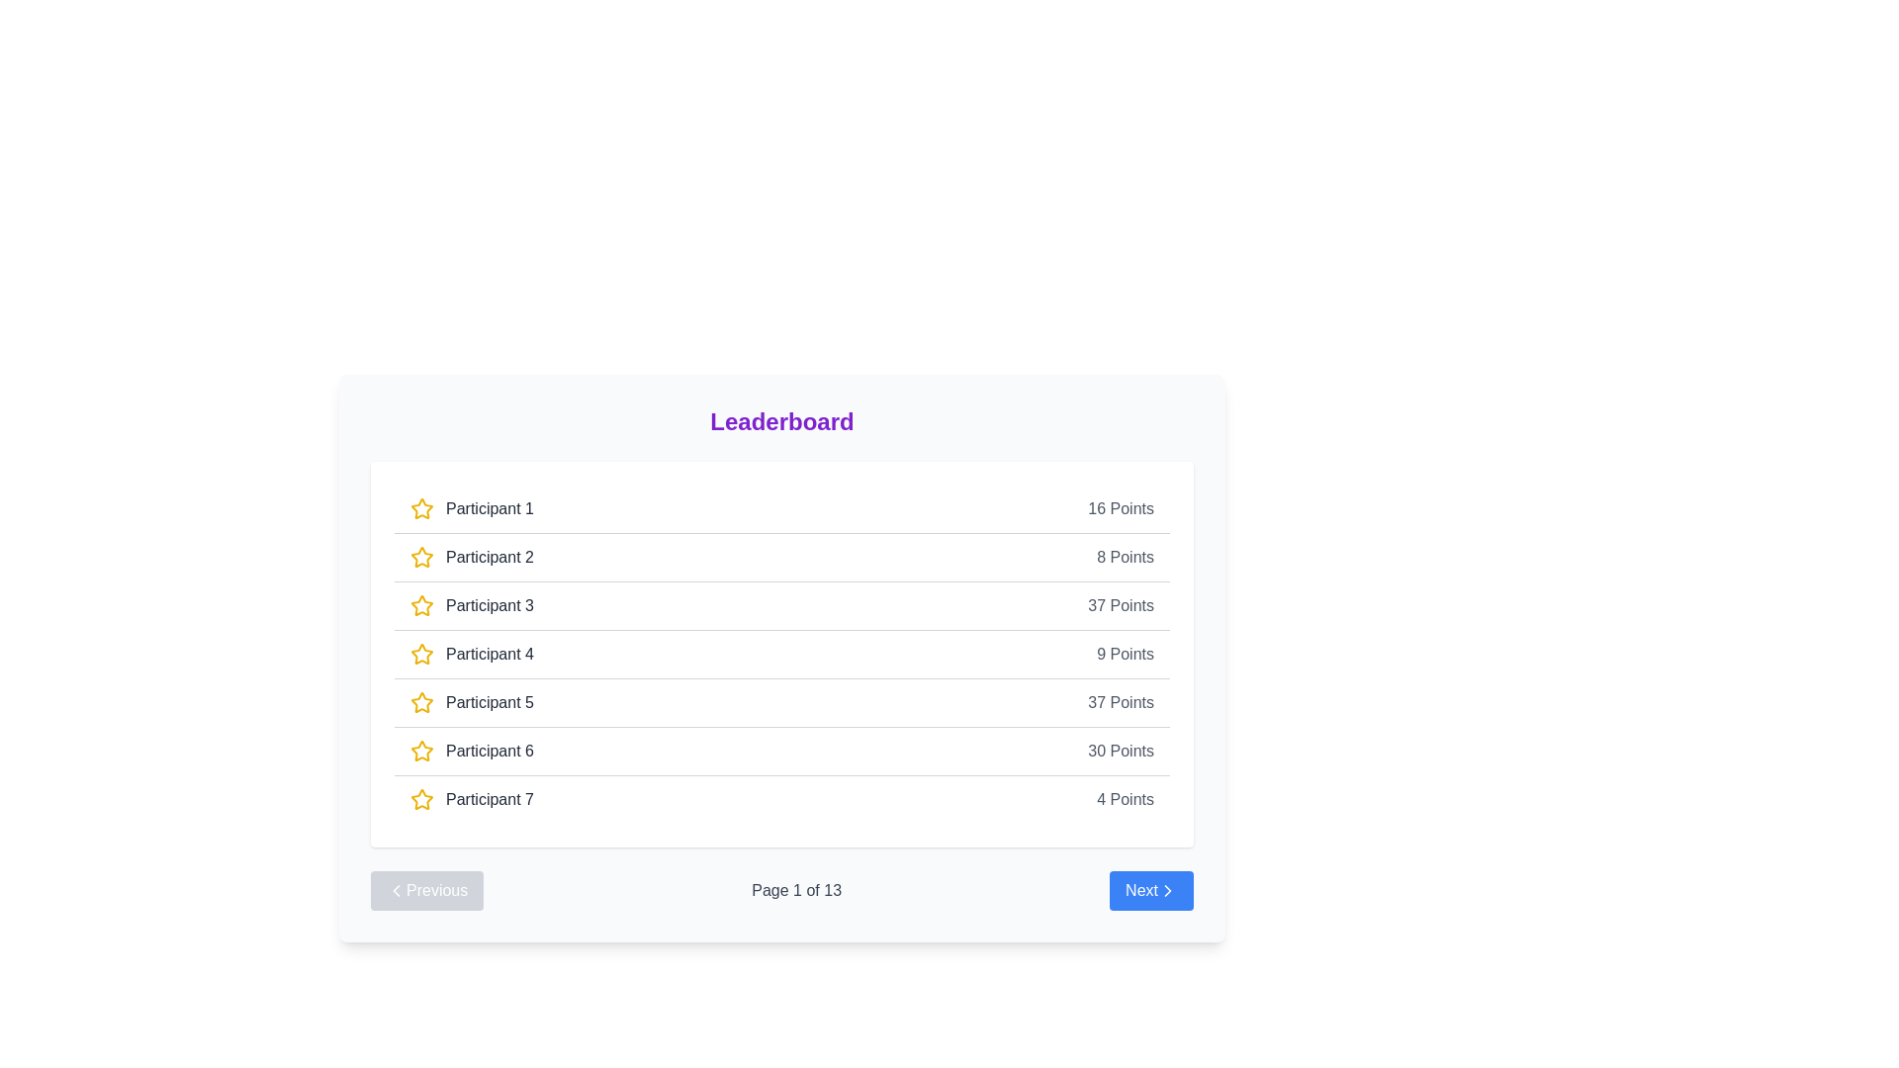 The height and width of the screenshot is (1068, 1899). Describe the element at coordinates (1121, 751) in the screenshot. I see `displayed text '30 Points' from the leaderboard entry for 'Participant 6', located at the far right of the row` at that location.